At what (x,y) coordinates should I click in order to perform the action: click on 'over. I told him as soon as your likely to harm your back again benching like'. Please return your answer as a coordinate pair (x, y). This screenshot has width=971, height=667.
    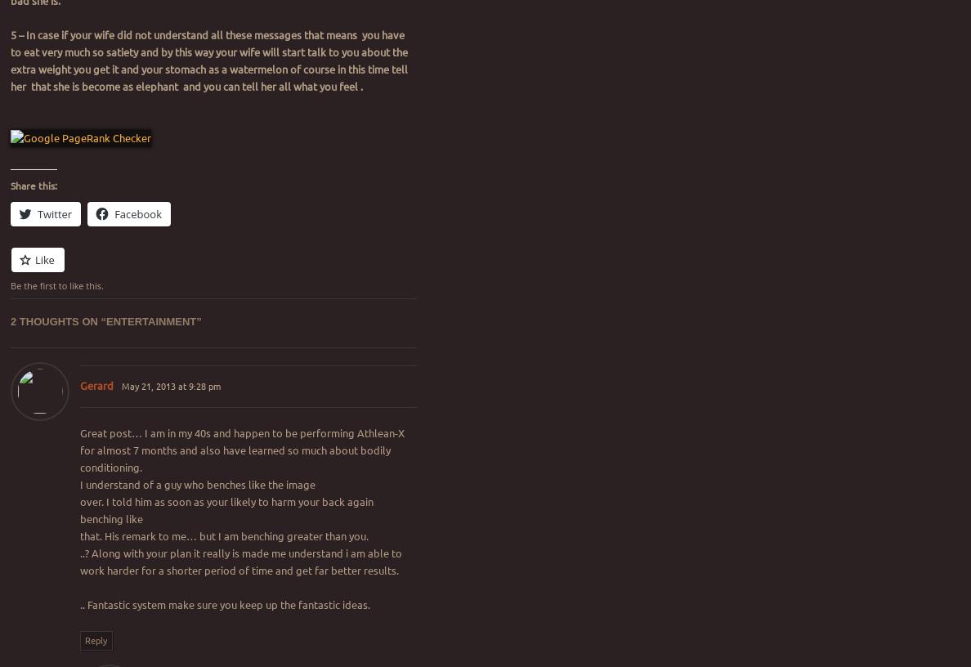
    Looking at the image, I should click on (226, 508).